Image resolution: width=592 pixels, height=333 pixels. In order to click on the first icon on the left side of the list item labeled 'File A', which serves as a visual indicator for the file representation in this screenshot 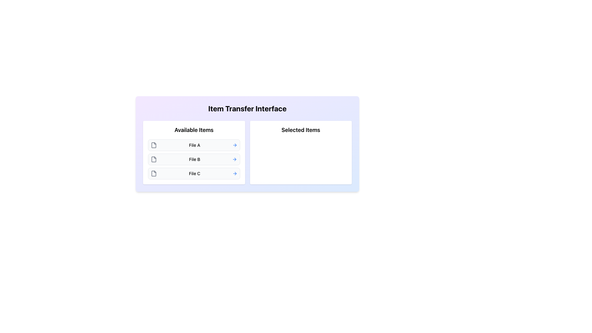, I will do `click(154, 145)`.